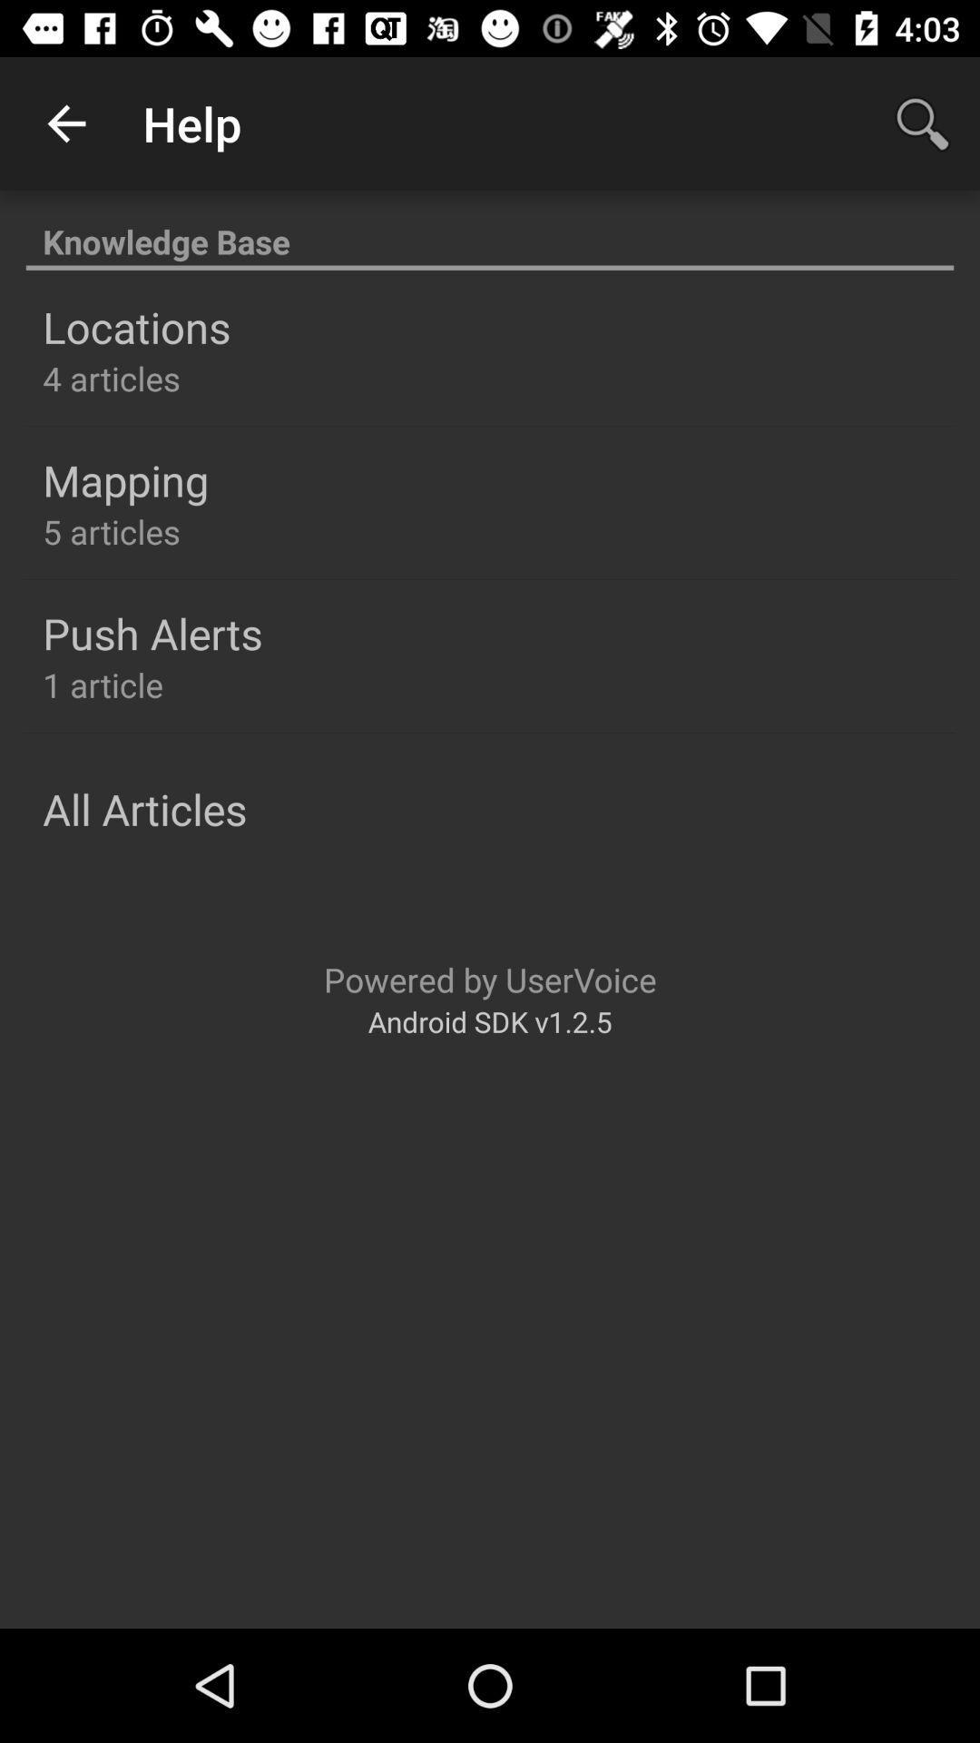  I want to click on the icon above knowledge base item, so click(65, 123).